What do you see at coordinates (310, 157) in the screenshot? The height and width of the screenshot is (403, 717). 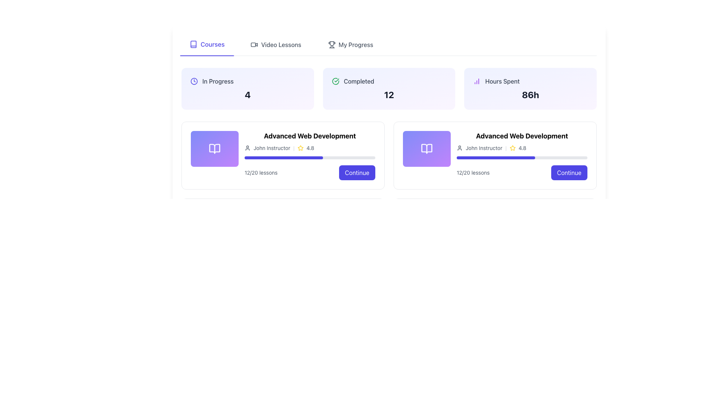 I see `the progress bar that visually represents the completion of a course, positioned between the 'John Instructor | 4.8' text and the '12/20 lessons' text` at bounding box center [310, 157].